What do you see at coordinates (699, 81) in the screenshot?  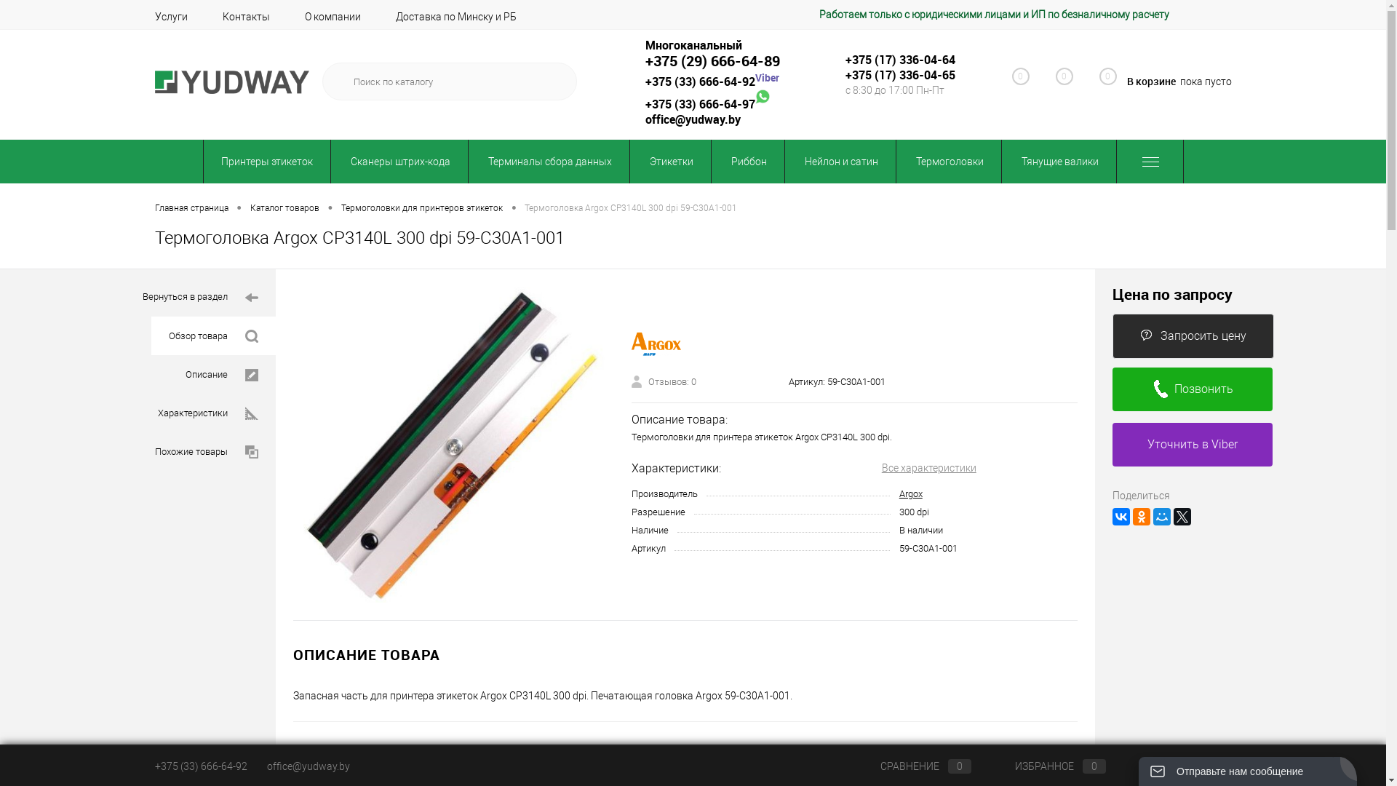 I see `'+375 (33) 666-64-92'` at bounding box center [699, 81].